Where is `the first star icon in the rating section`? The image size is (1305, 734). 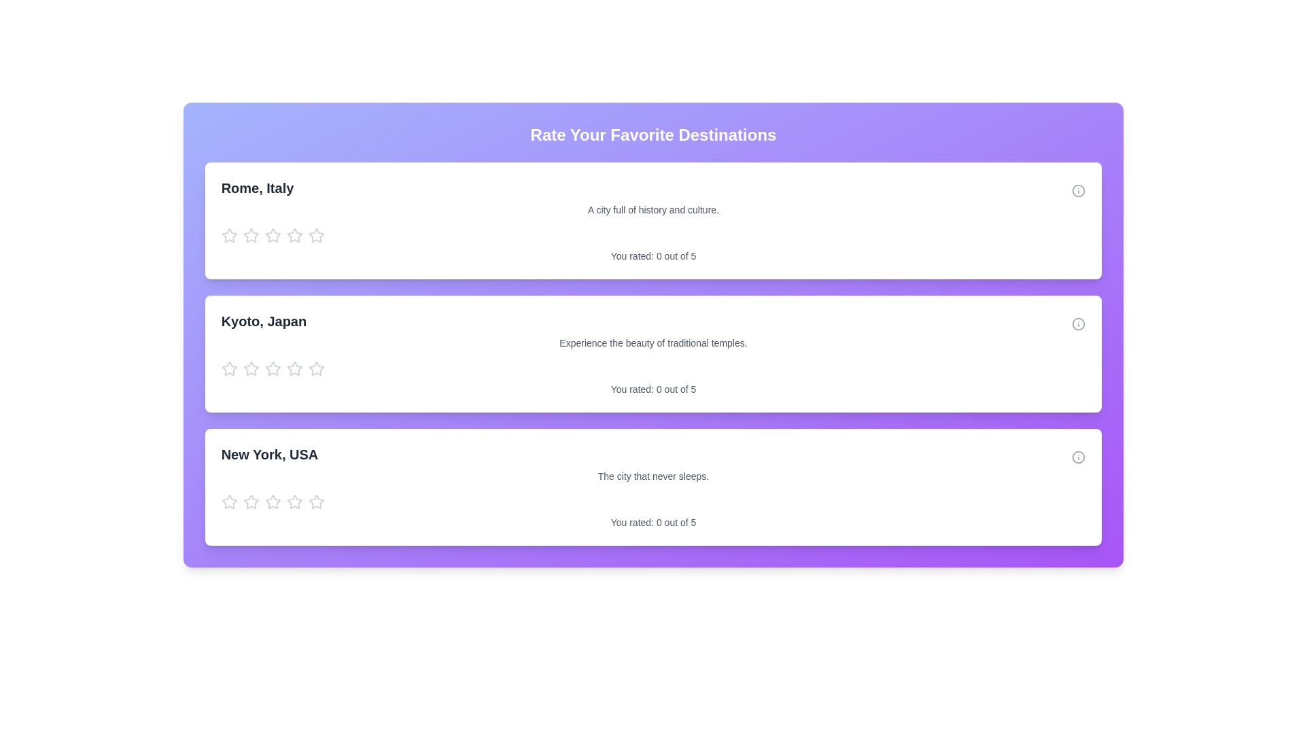
the first star icon in the rating section is located at coordinates (251, 234).